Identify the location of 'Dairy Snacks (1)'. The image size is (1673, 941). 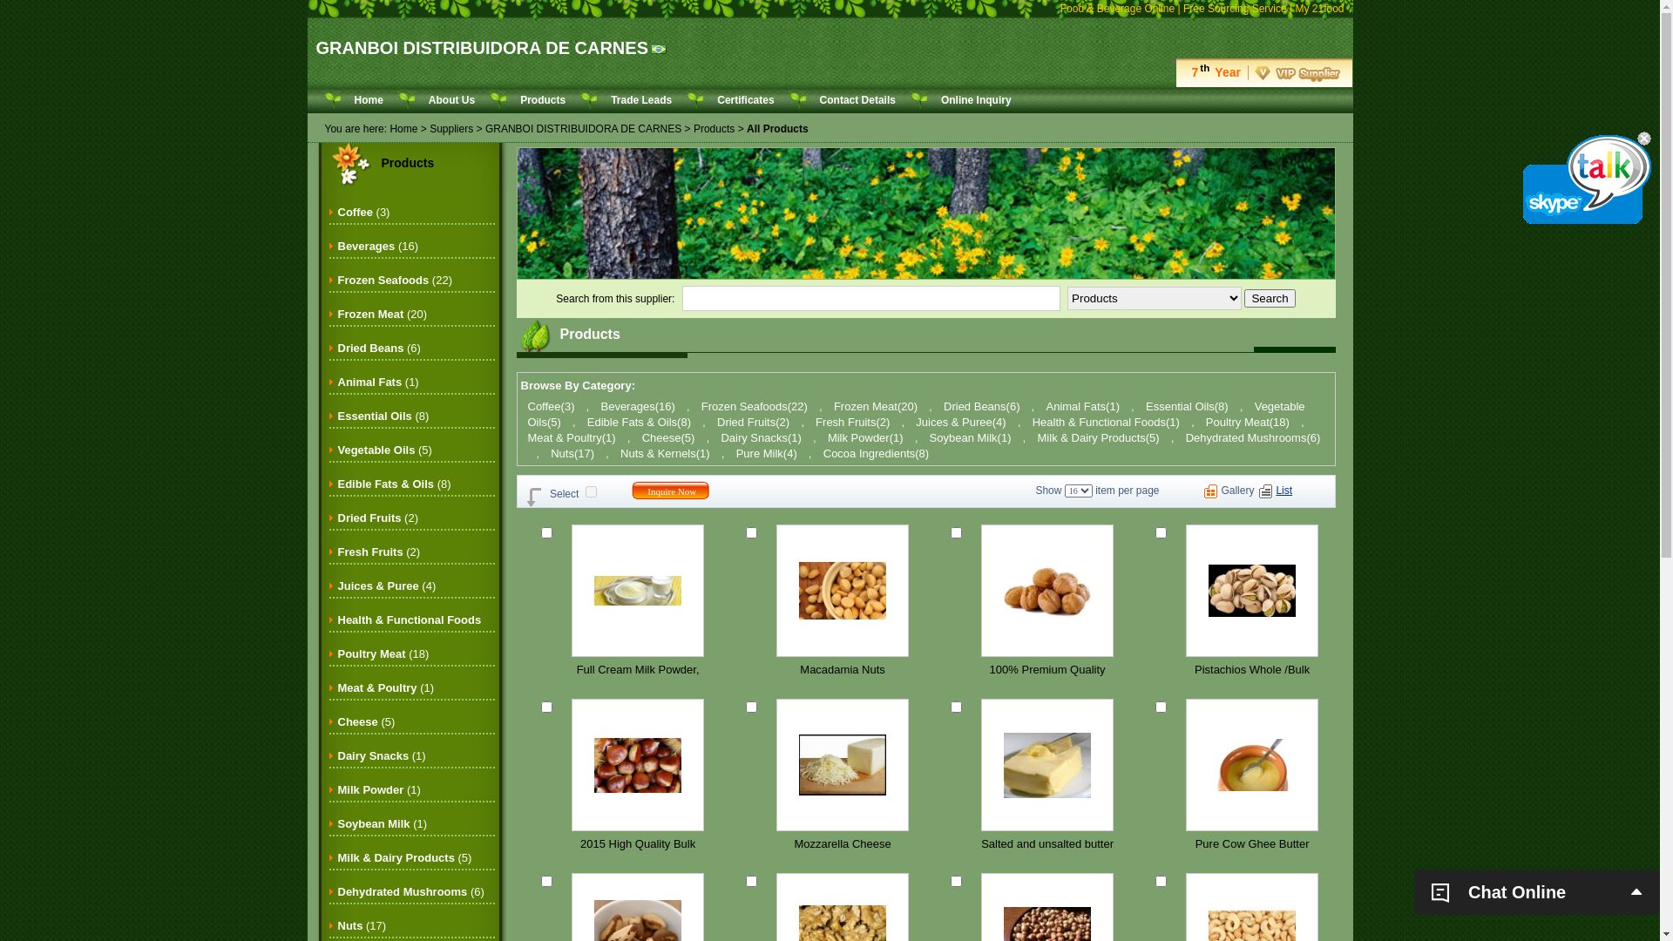
(381, 755).